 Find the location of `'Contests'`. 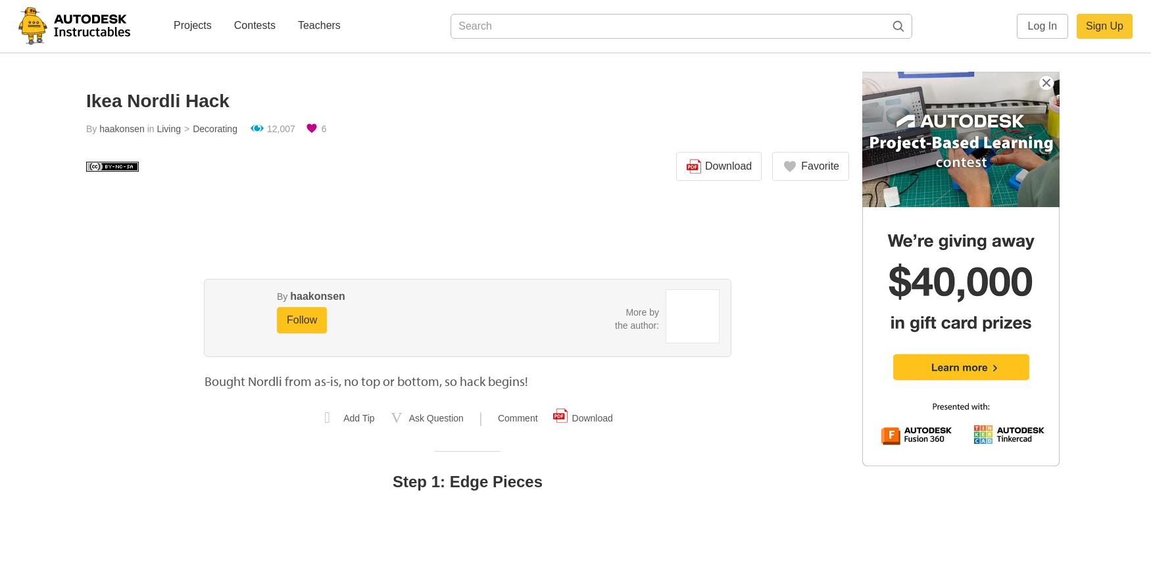

'Contests' is located at coordinates (253, 24).